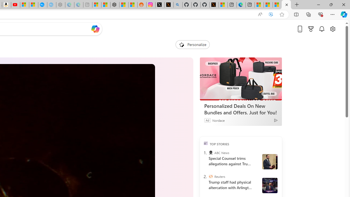 This screenshot has height=197, width=350. What do you see at coordinates (160, 5) in the screenshot?
I see `'Log in to X / X'` at bounding box center [160, 5].